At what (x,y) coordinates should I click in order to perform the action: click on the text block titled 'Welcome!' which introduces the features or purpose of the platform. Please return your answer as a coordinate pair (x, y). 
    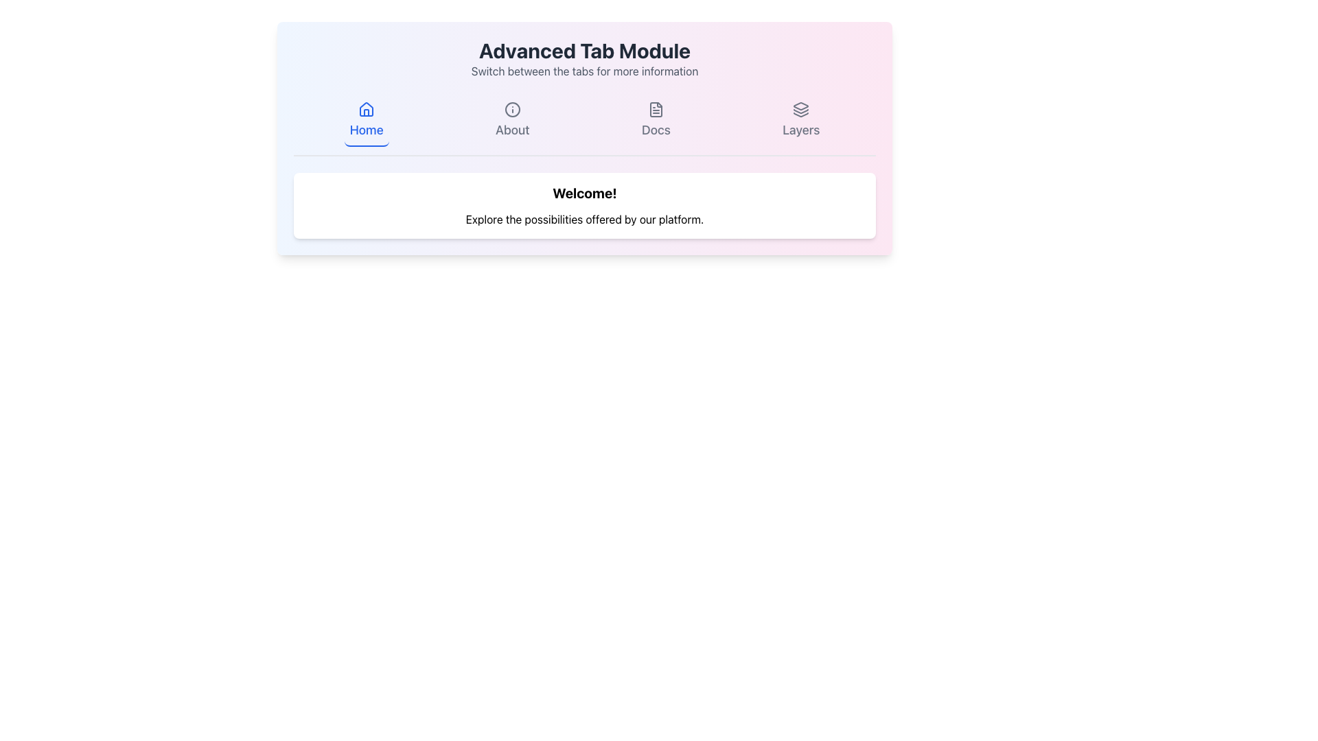
    Looking at the image, I should click on (584, 206).